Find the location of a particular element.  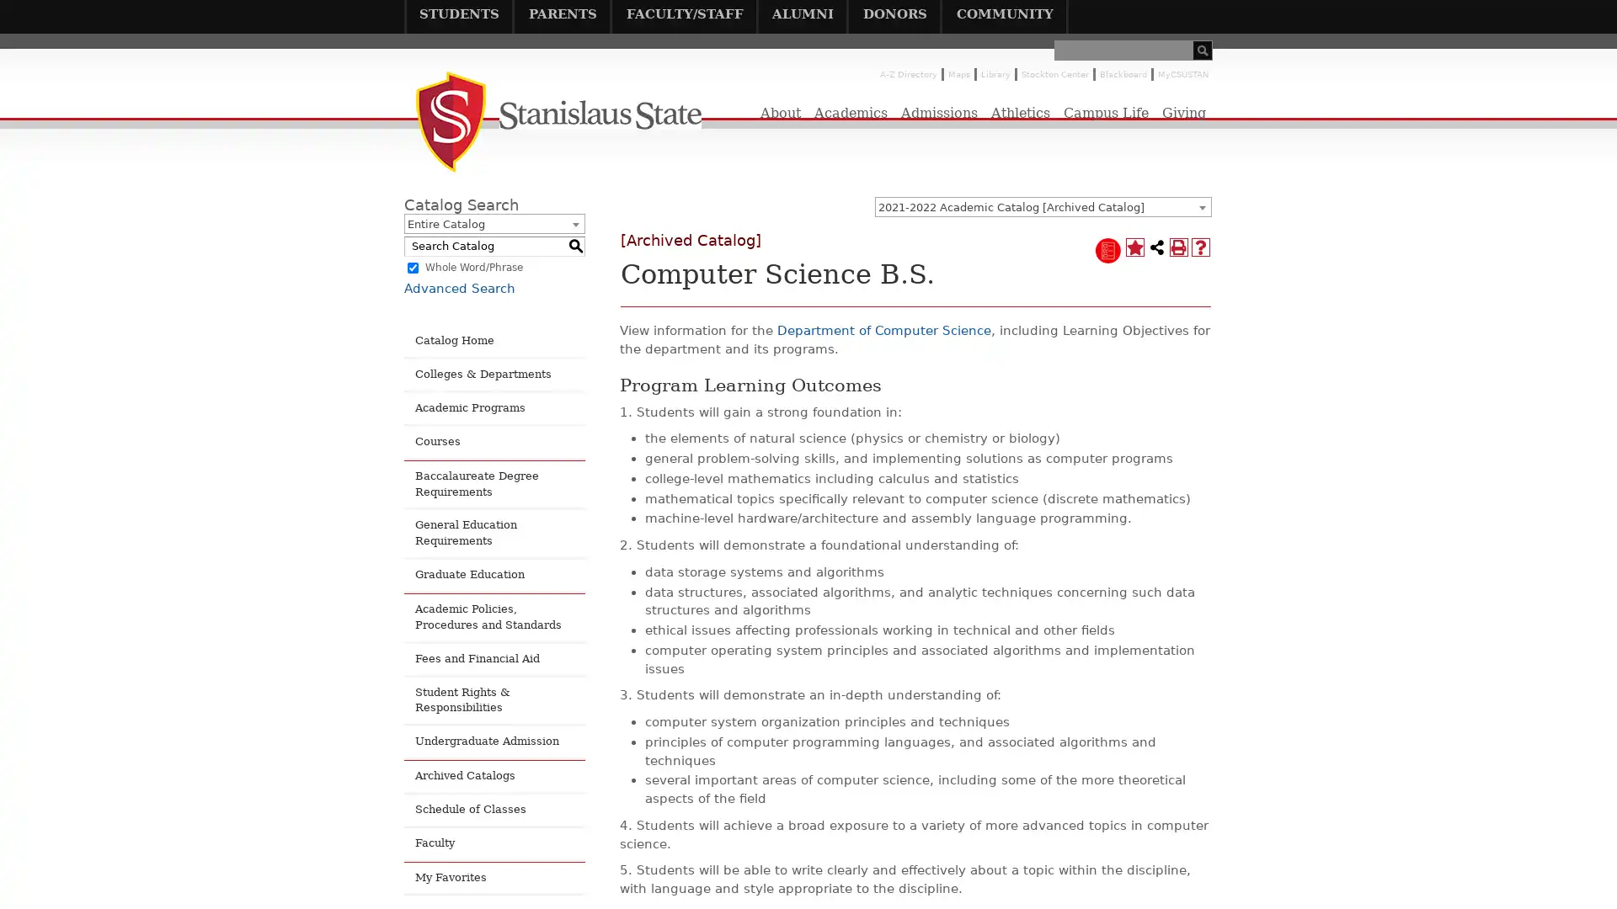

Search is located at coordinates (1202, 50).